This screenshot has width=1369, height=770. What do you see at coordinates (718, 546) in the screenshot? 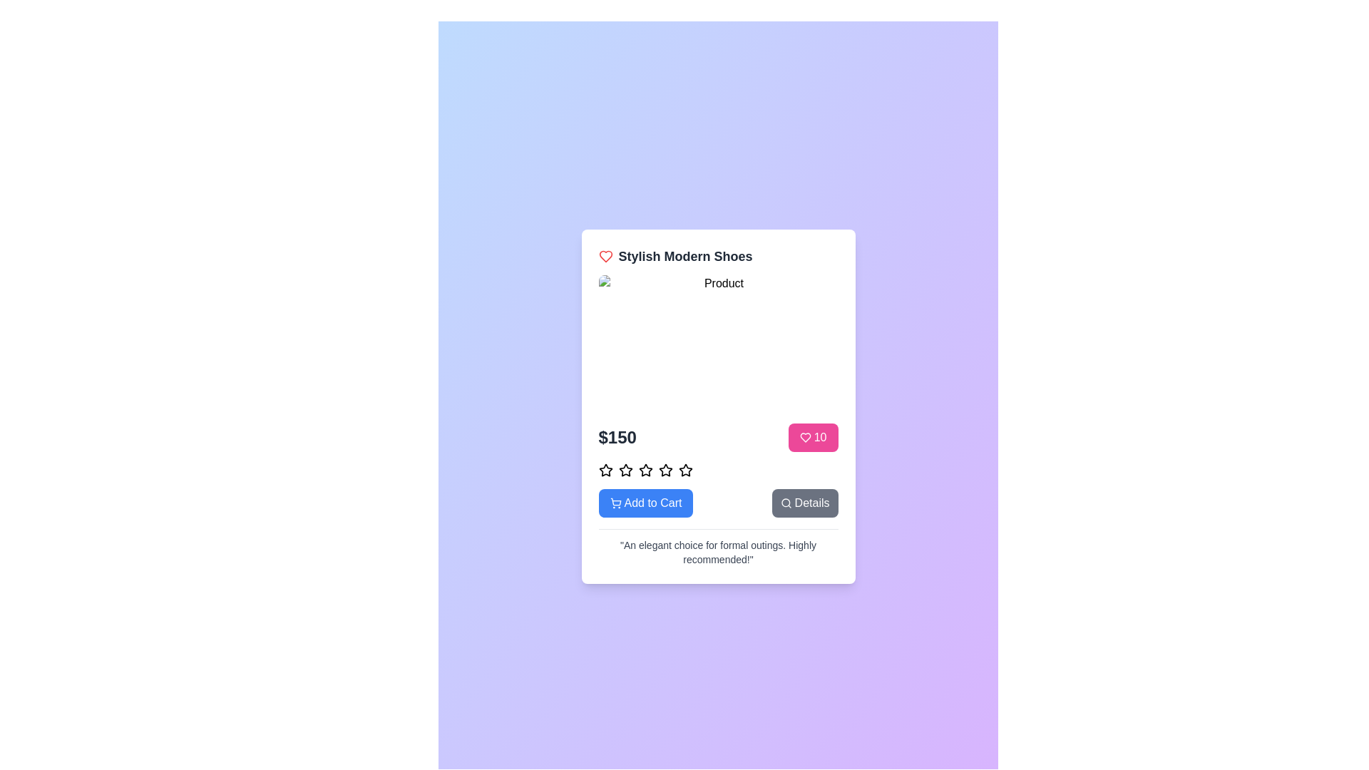
I see `customer review text located in the text block styled in a smaller greyish font, positioned at the bottom of the product card, below the 'Add to Cart' and 'Details' buttons` at bounding box center [718, 546].